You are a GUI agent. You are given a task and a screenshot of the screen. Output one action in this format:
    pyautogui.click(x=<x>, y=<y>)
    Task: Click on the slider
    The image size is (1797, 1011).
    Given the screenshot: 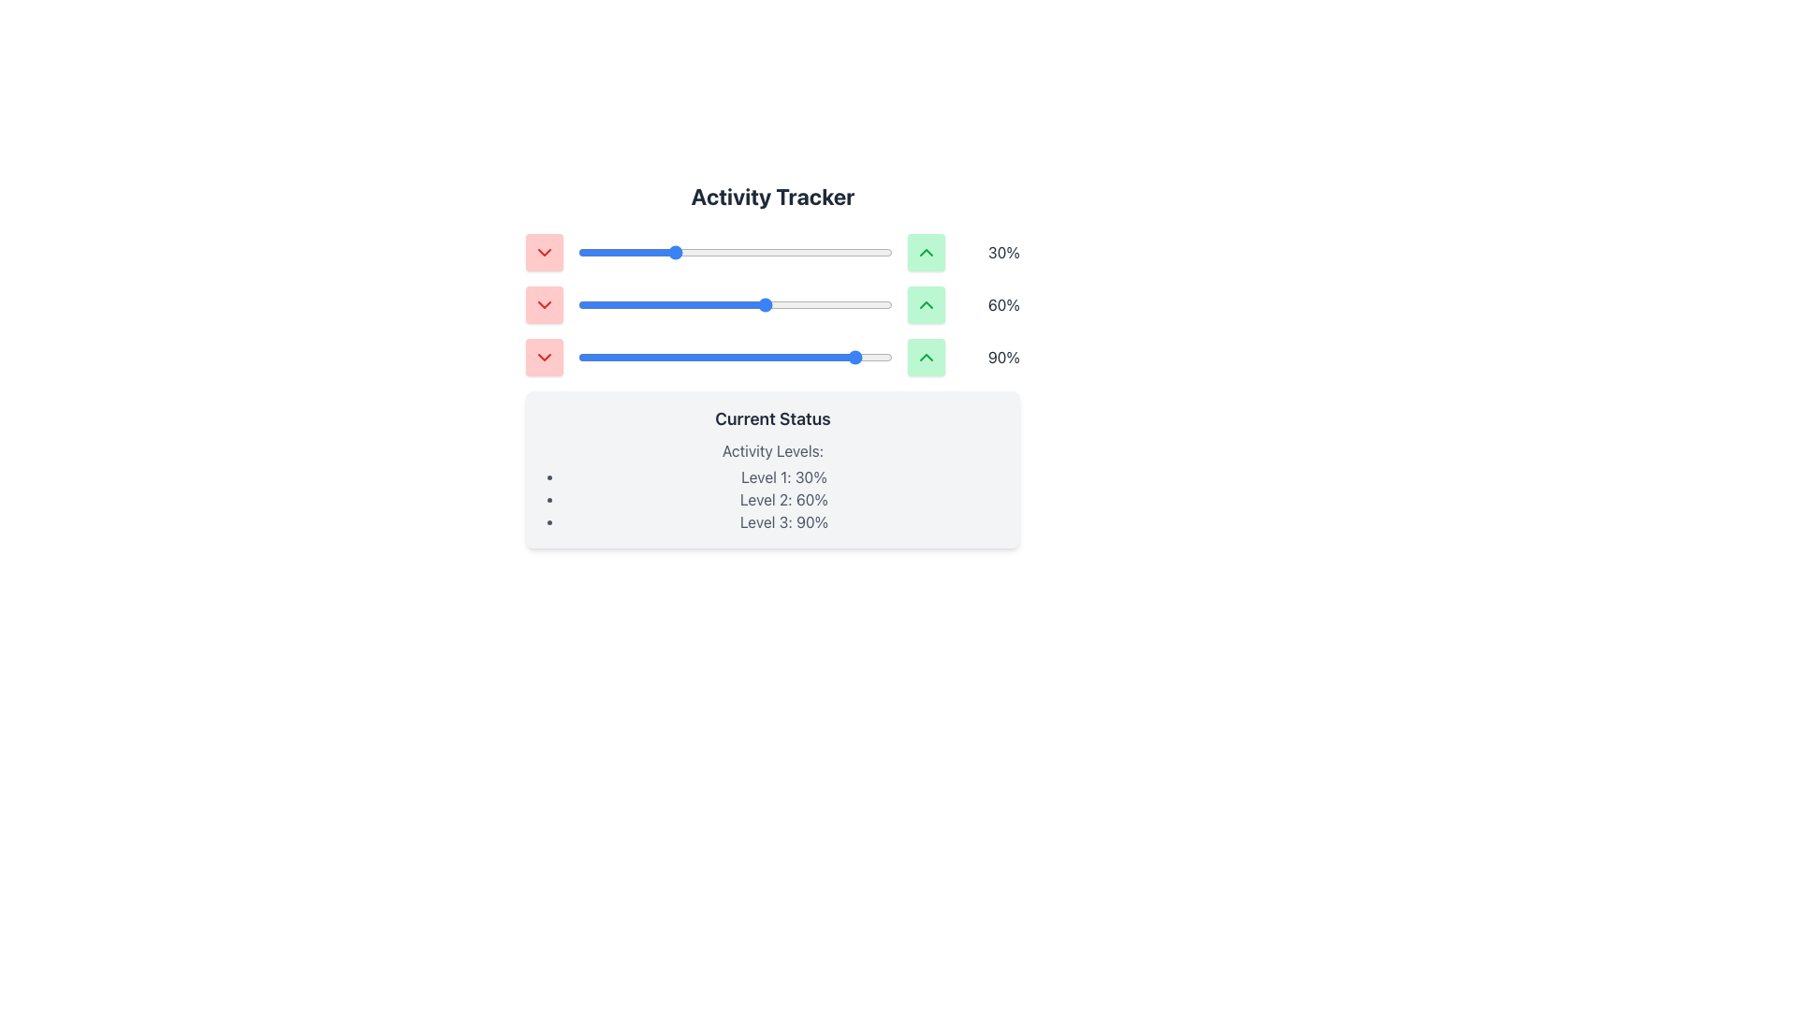 What is the action you would take?
    pyautogui.click(x=628, y=253)
    